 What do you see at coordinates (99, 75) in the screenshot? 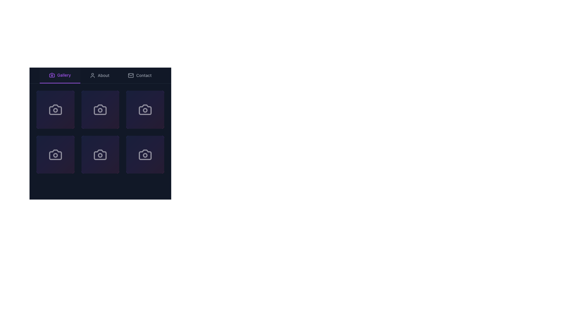
I see `the 'About' navigation button in the navigation bar` at bounding box center [99, 75].